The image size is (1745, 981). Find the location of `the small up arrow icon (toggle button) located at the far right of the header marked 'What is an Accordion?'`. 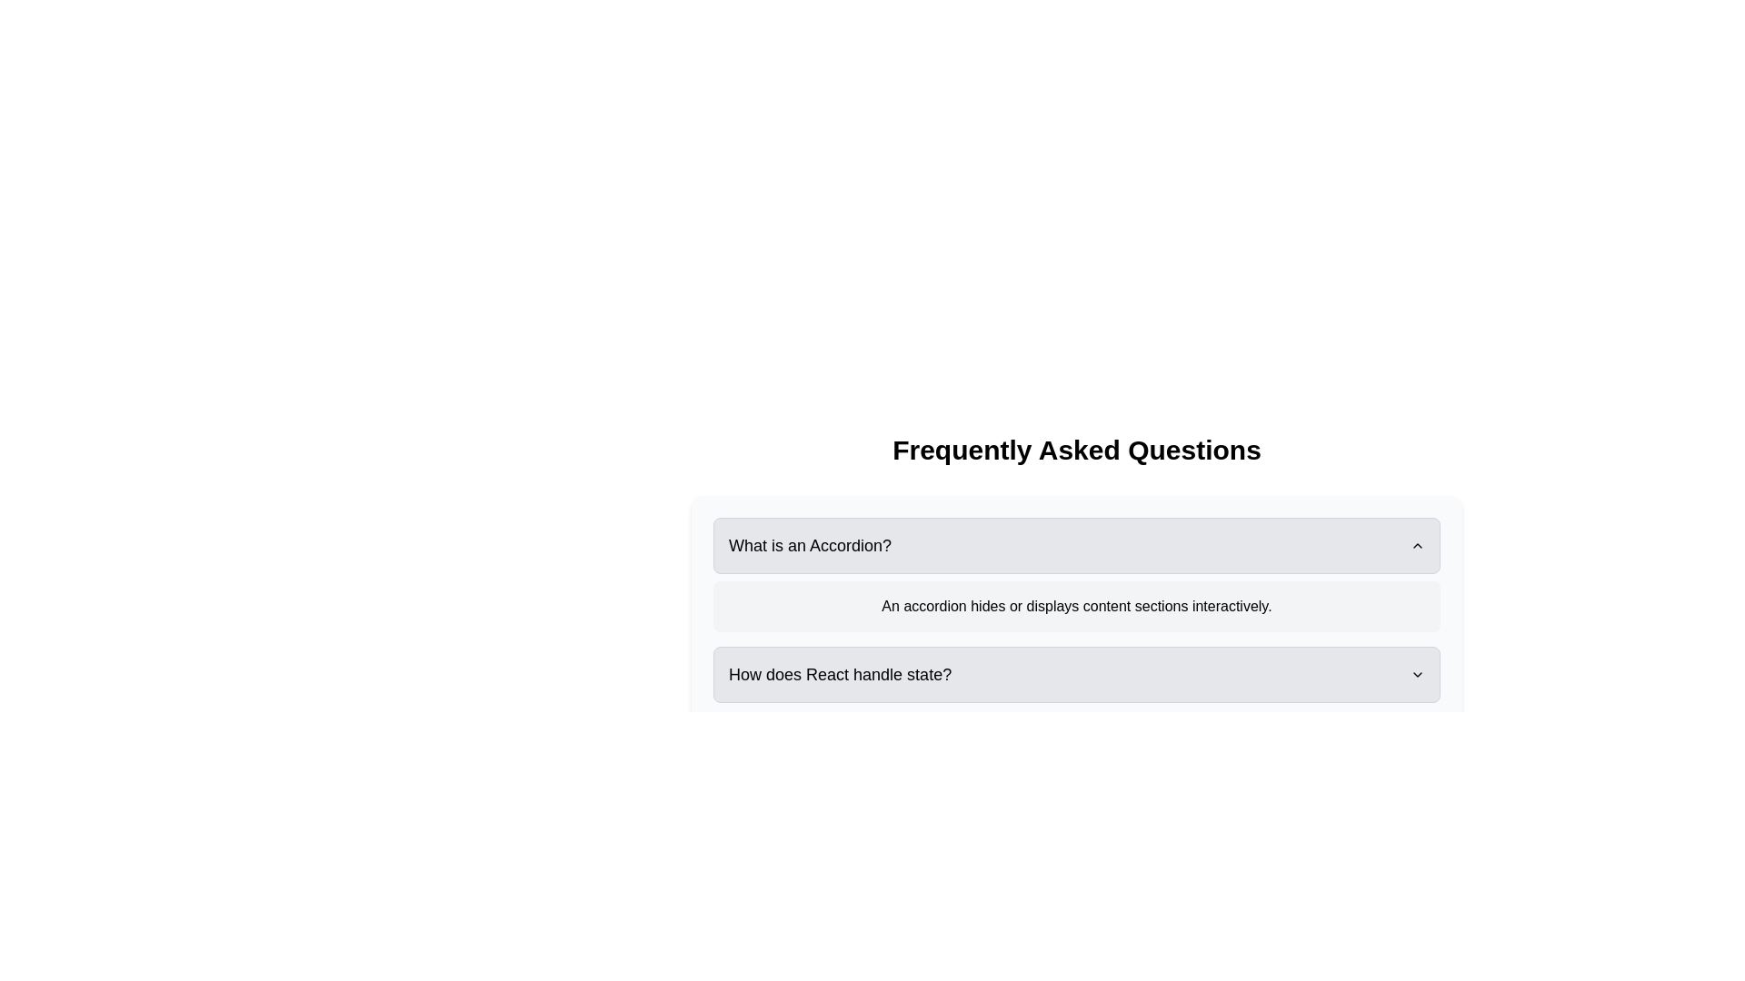

the small up arrow icon (toggle button) located at the far right of the header marked 'What is an Accordion?' is located at coordinates (1417, 545).